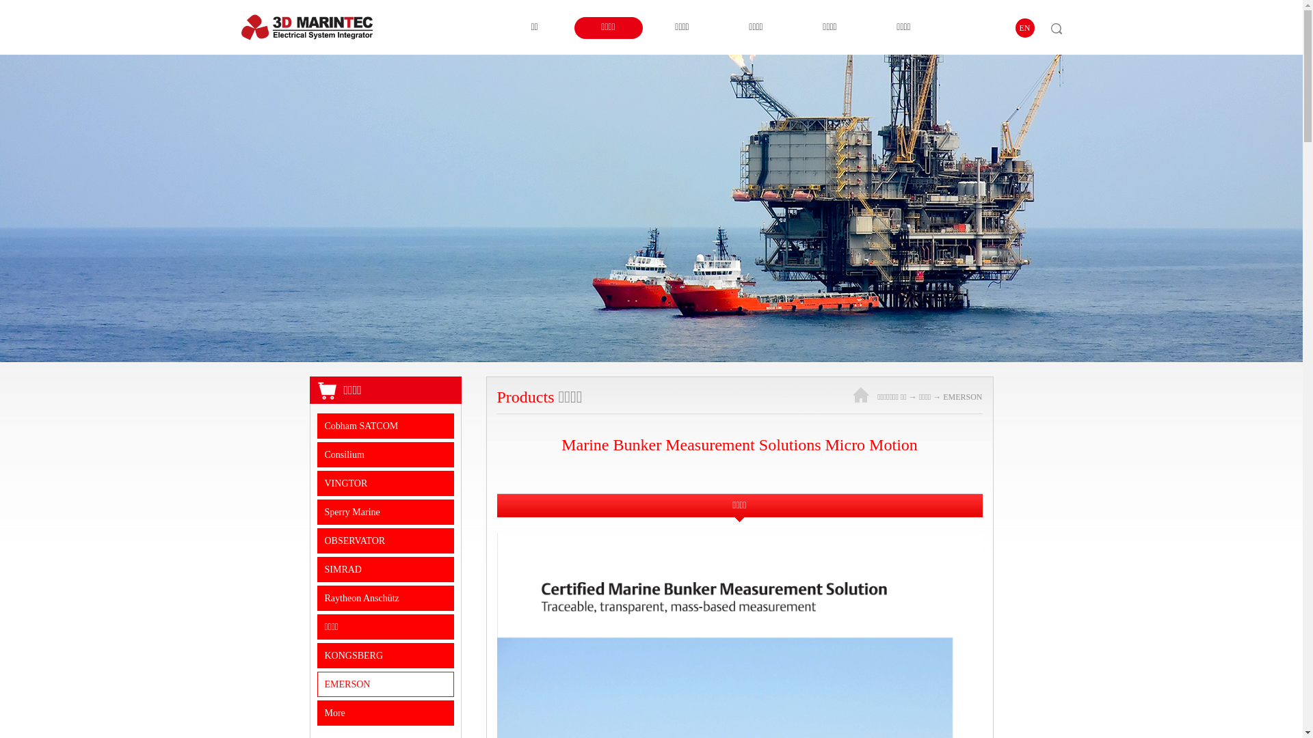  What do you see at coordinates (1024, 28) in the screenshot?
I see `'EN'` at bounding box center [1024, 28].